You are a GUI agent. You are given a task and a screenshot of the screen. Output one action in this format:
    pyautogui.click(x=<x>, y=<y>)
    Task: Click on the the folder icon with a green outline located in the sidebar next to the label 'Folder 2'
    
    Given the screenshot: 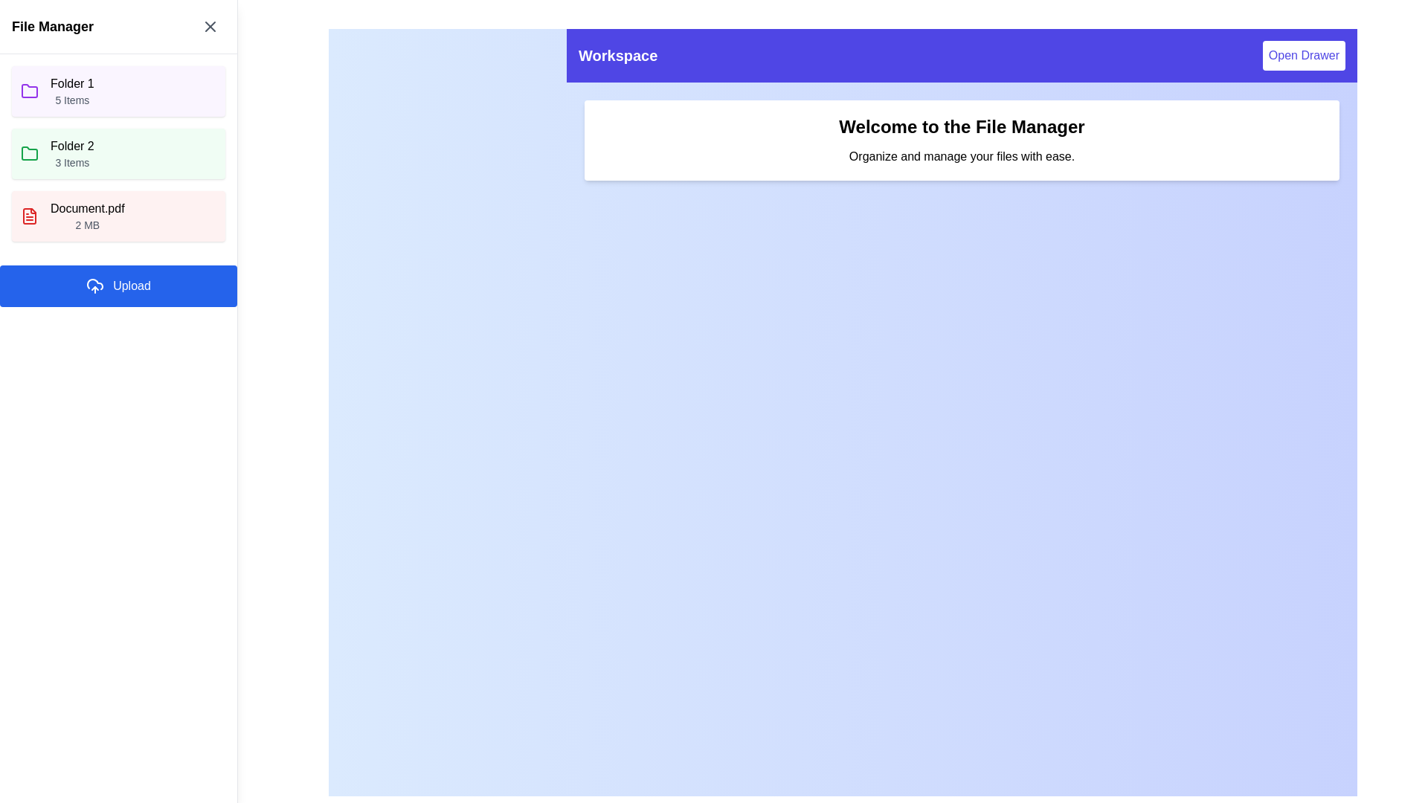 What is the action you would take?
    pyautogui.click(x=29, y=153)
    